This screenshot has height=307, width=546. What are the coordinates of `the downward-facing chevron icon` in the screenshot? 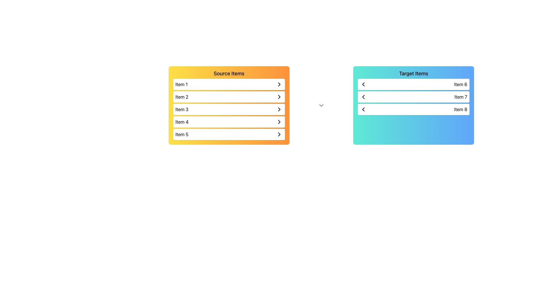 It's located at (321, 105).